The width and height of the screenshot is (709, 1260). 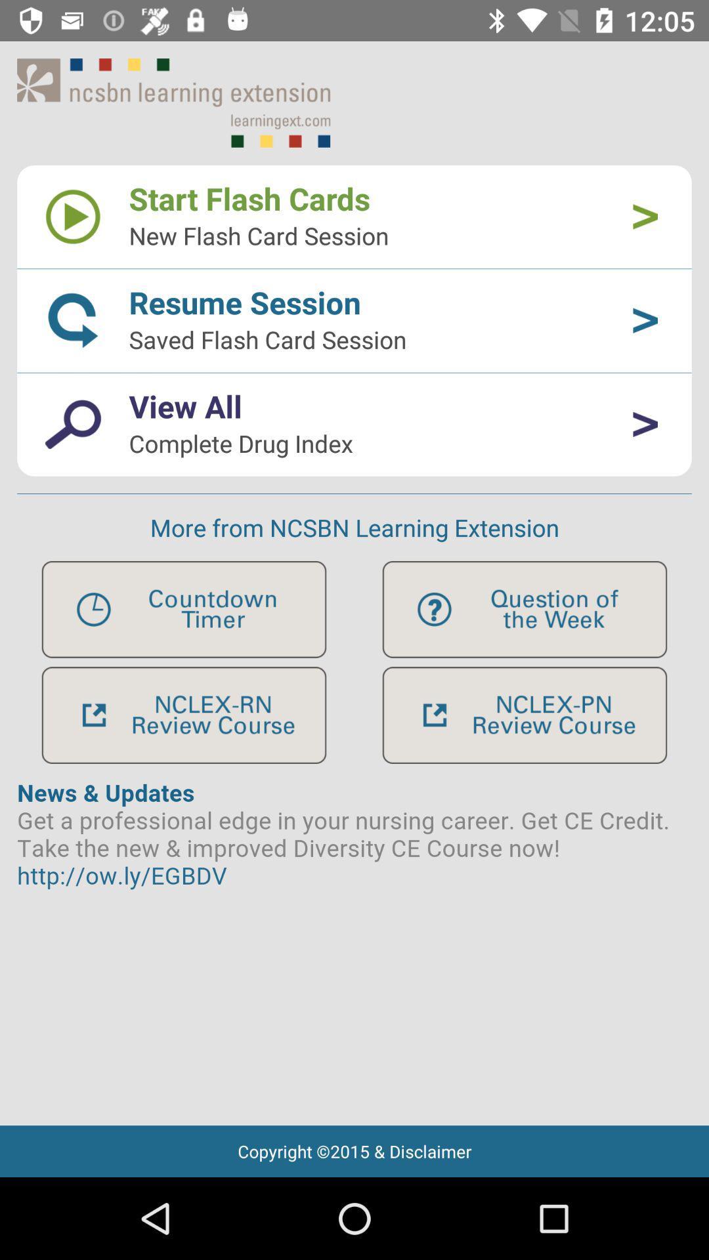 What do you see at coordinates (524, 715) in the screenshot?
I see `opens link in a new window` at bounding box center [524, 715].